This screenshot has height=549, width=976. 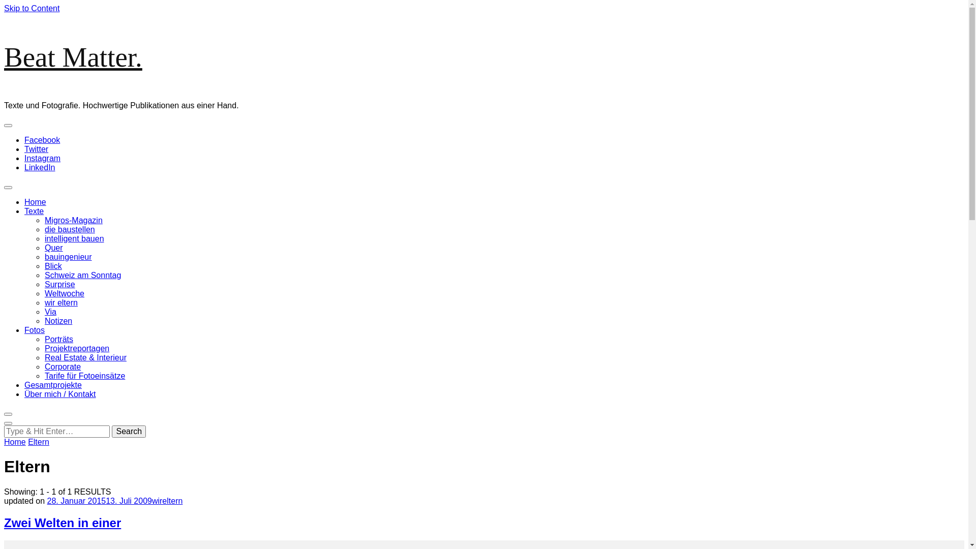 I want to click on 'Schweiz am Sonntag', so click(x=83, y=275).